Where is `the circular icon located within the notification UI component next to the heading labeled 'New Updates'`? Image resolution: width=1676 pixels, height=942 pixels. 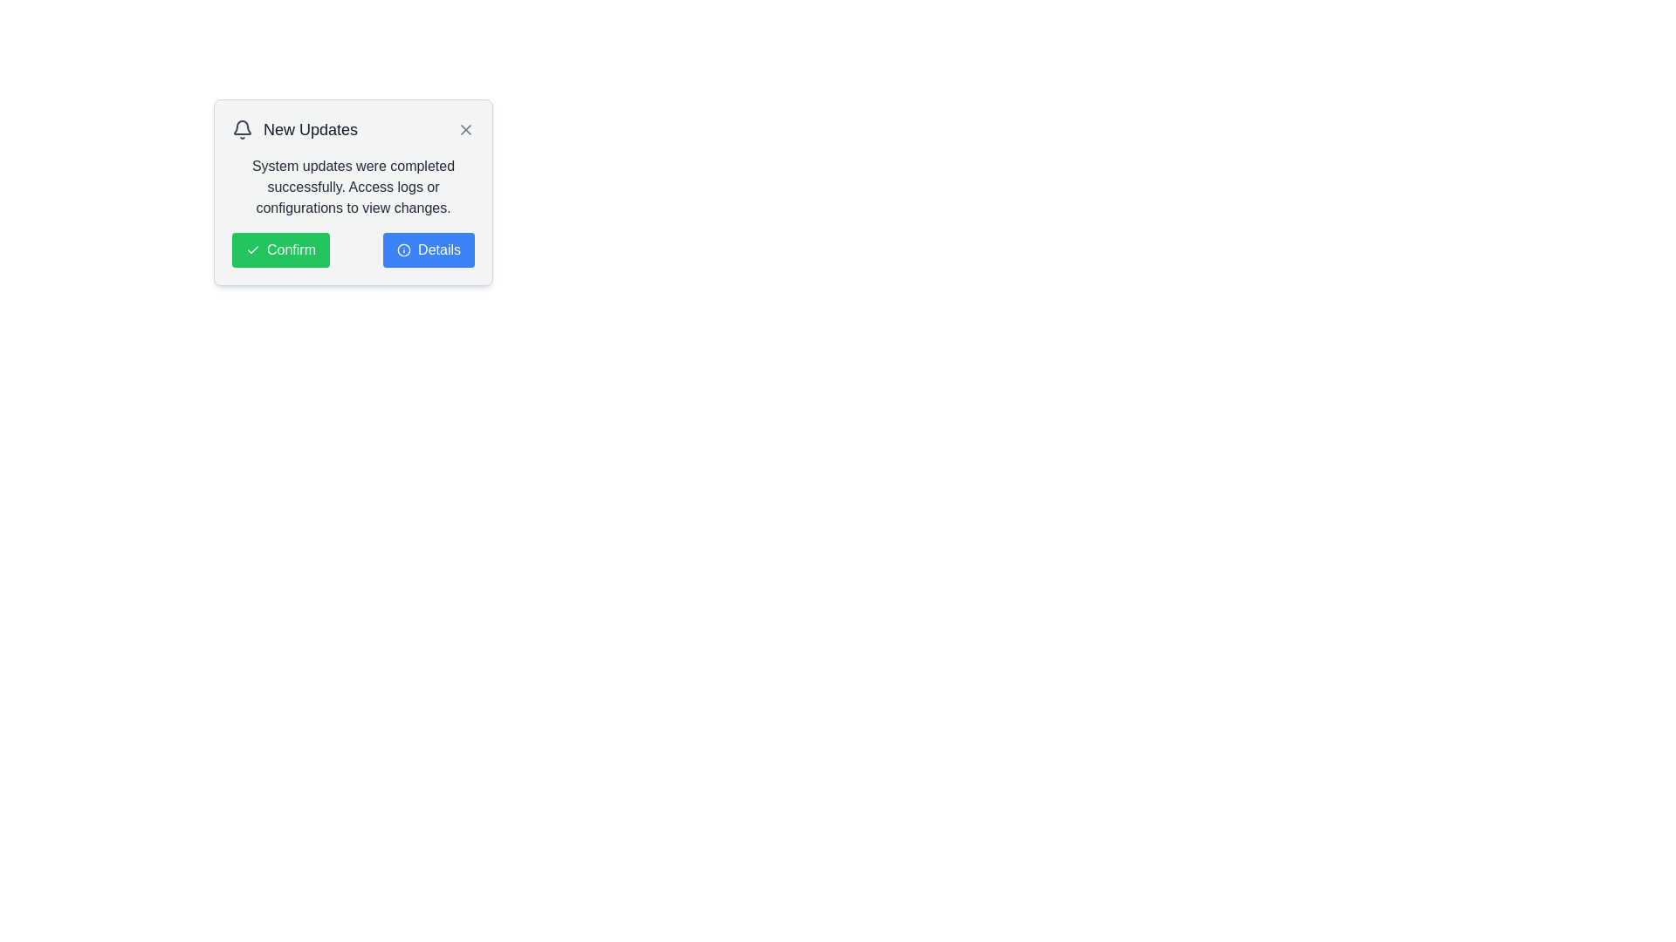 the circular icon located within the notification UI component next to the heading labeled 'New Updates' is located at coordinates (403, 249).